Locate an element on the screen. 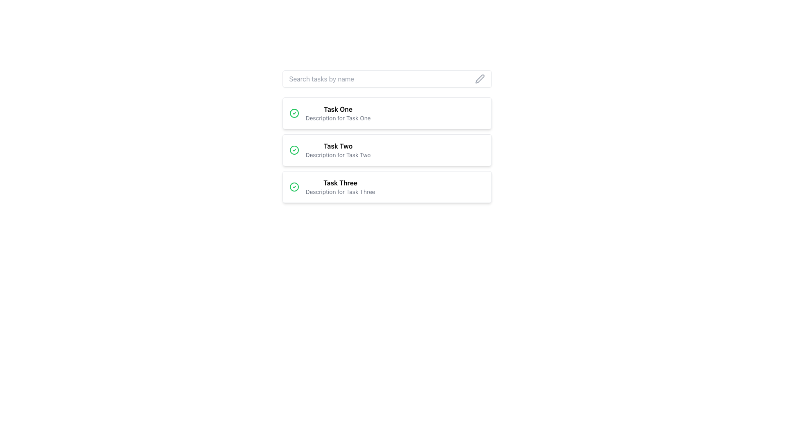  the pen-shaped icon button located at the far right end of the search input bar, which is styled in light gray and associated with editing actions is located at coordinates (480, 79).